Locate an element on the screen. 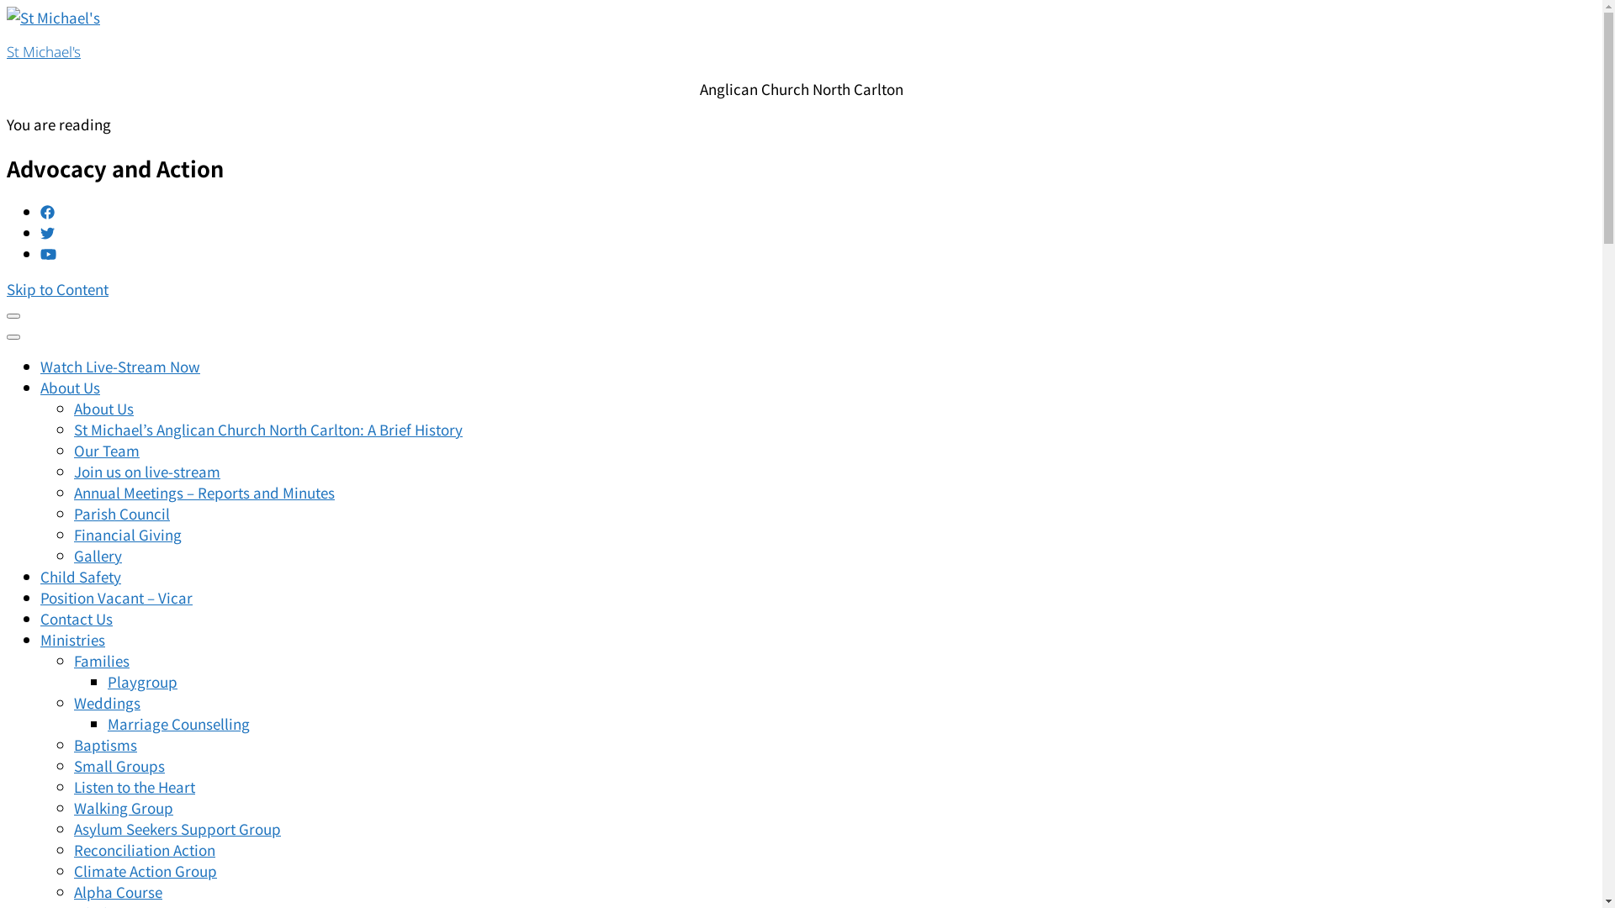  'Financial Giving' is located at coordinates (127, 534).